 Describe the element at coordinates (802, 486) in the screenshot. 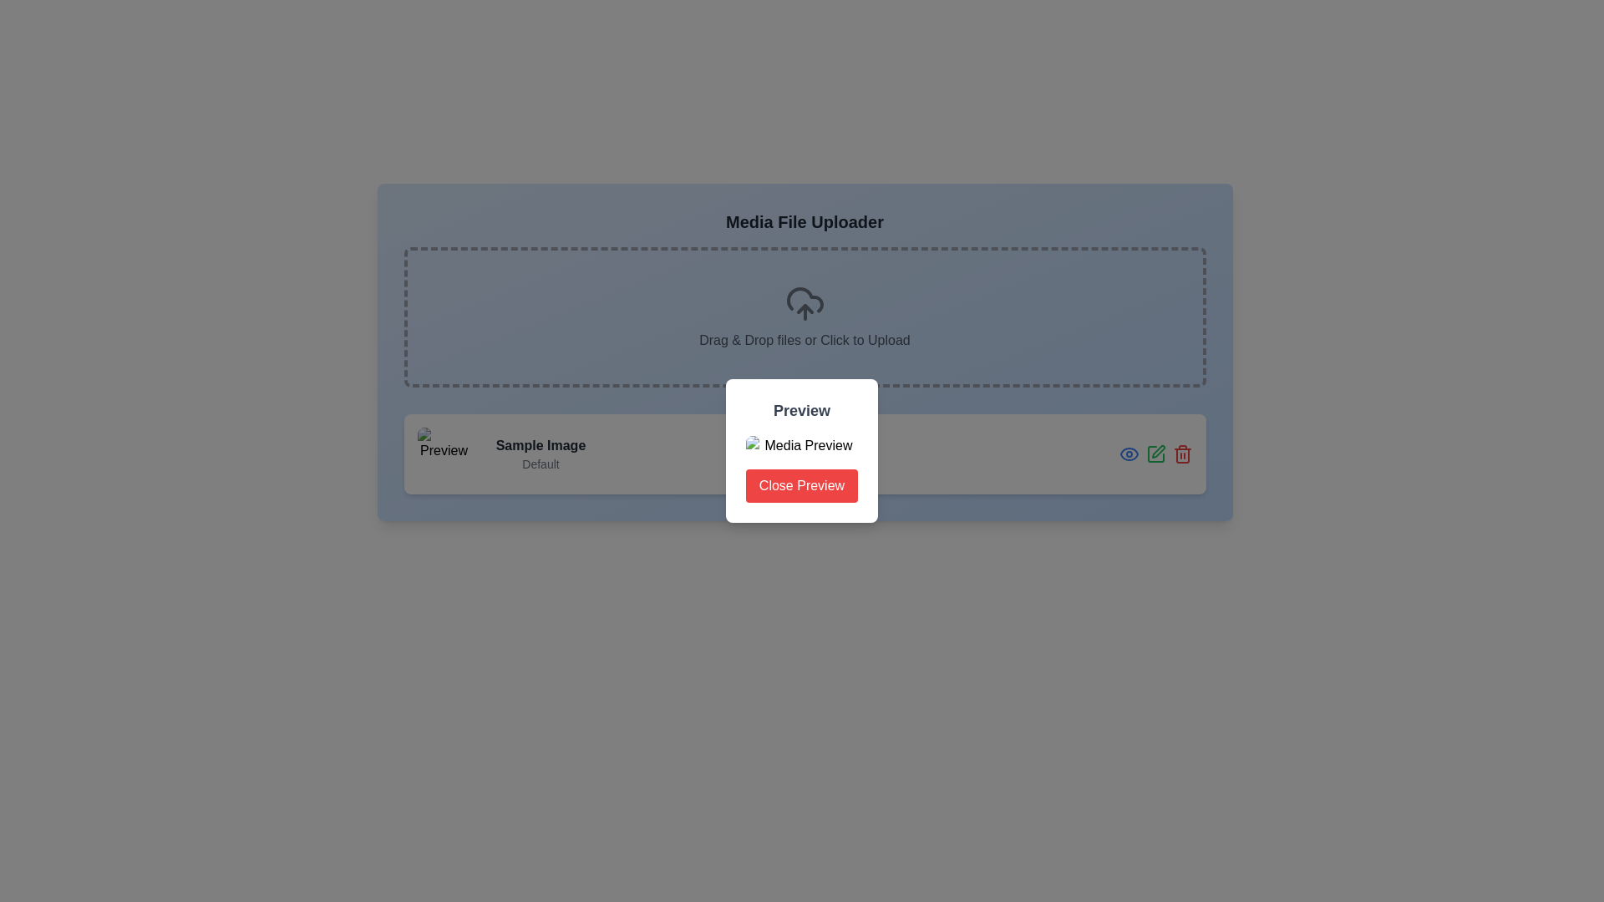

I see `the vibrant red 'Close Preview' button, which has rounded corners and white text` at that location.